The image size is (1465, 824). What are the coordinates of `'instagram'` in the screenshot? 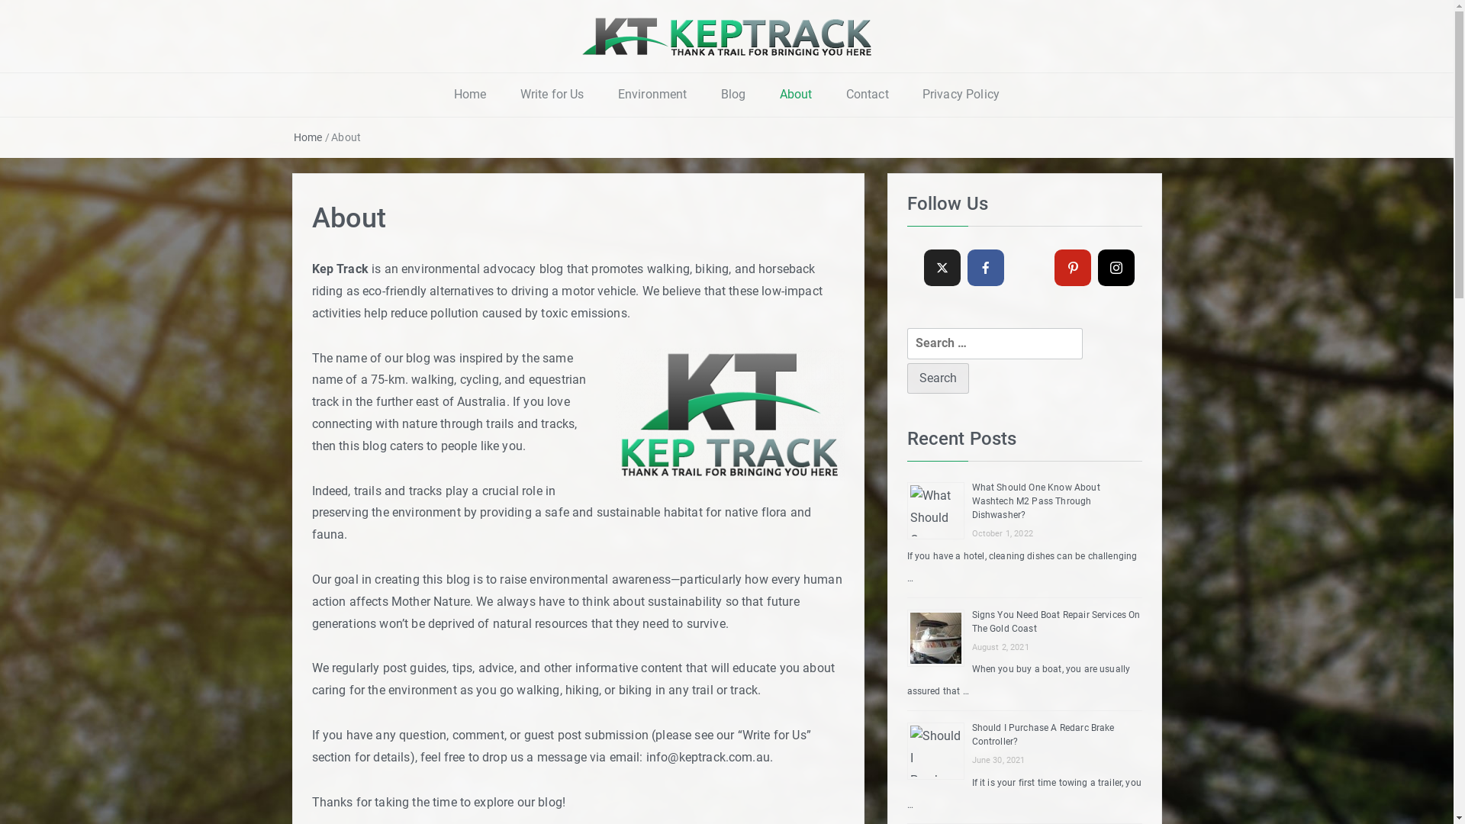 It's located at (1116, 267).